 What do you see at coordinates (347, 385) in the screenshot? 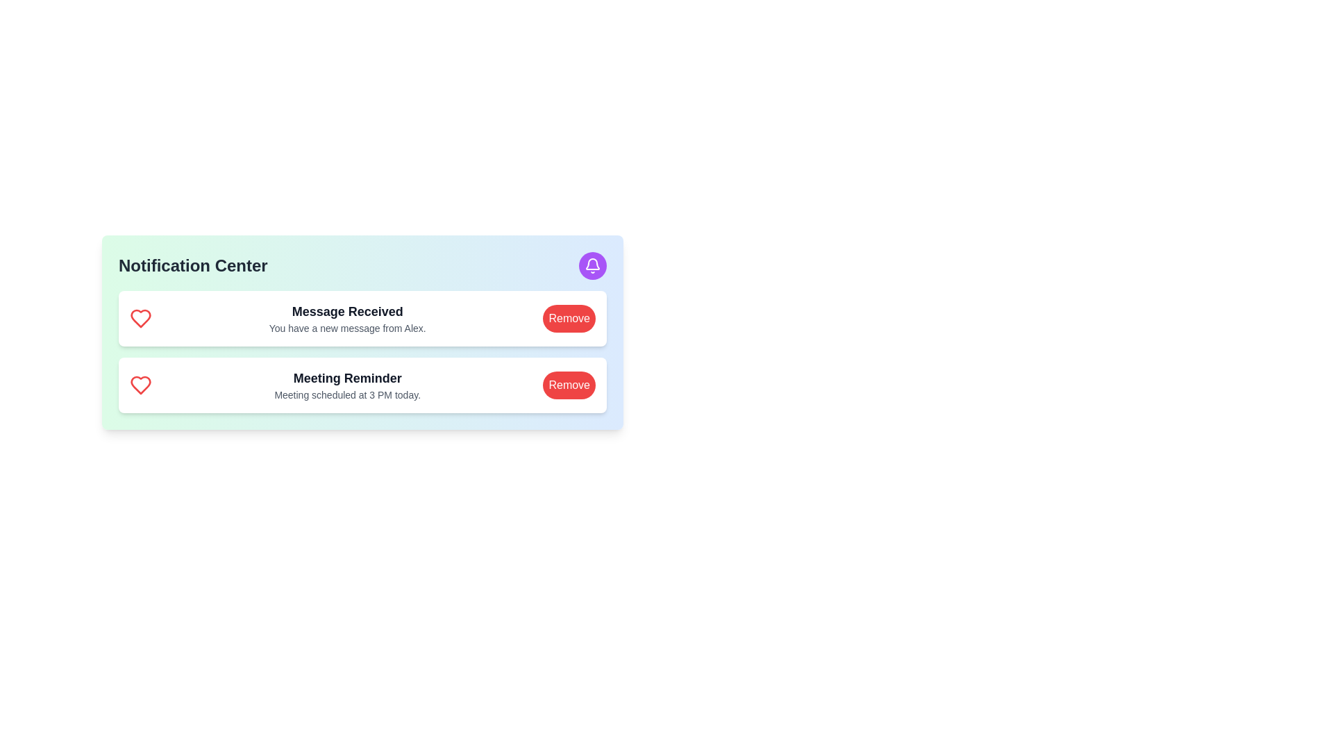
I see `the Text block element that displays 'Meeting Reminder' and additional details about the meeting scheduled at 3 PM today` at bounding box center [347, 385].